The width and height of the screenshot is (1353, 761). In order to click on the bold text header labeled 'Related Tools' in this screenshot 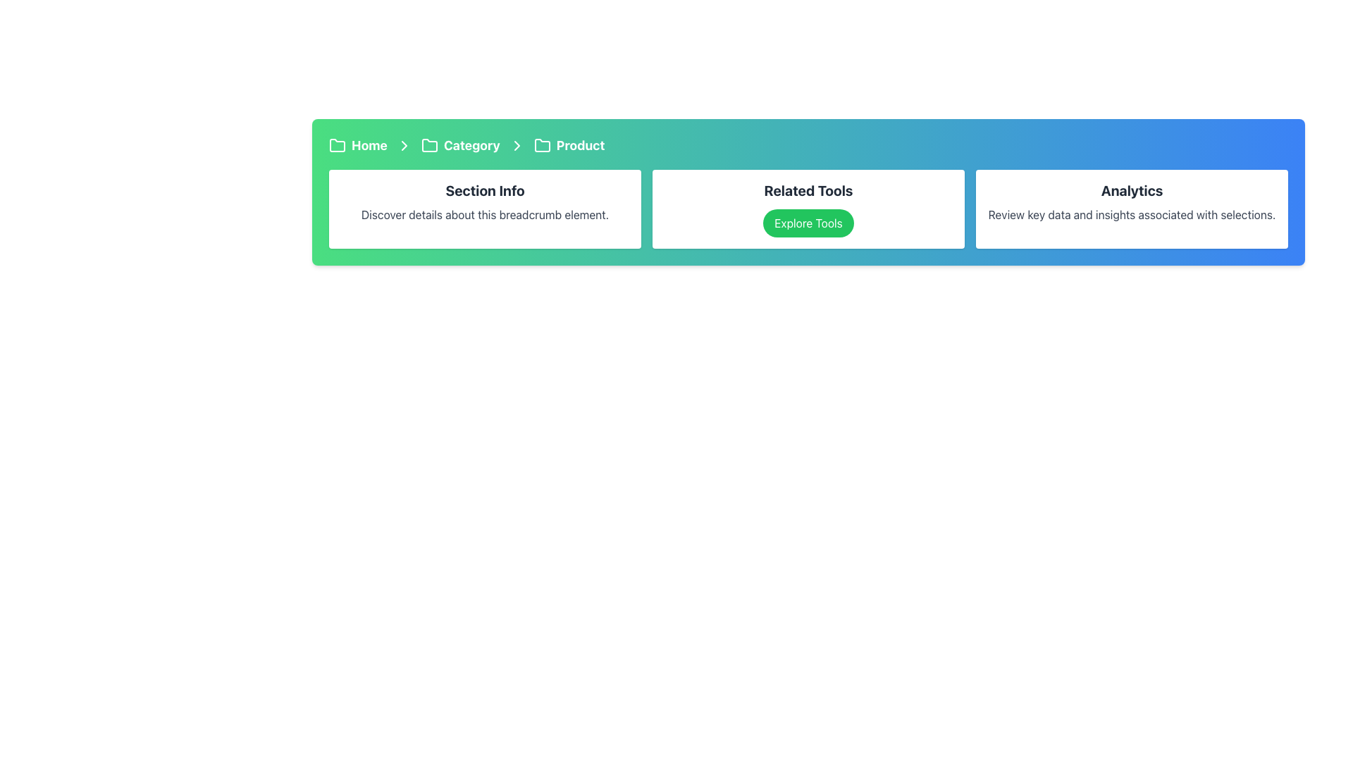, I will do `click(808, 190)`.